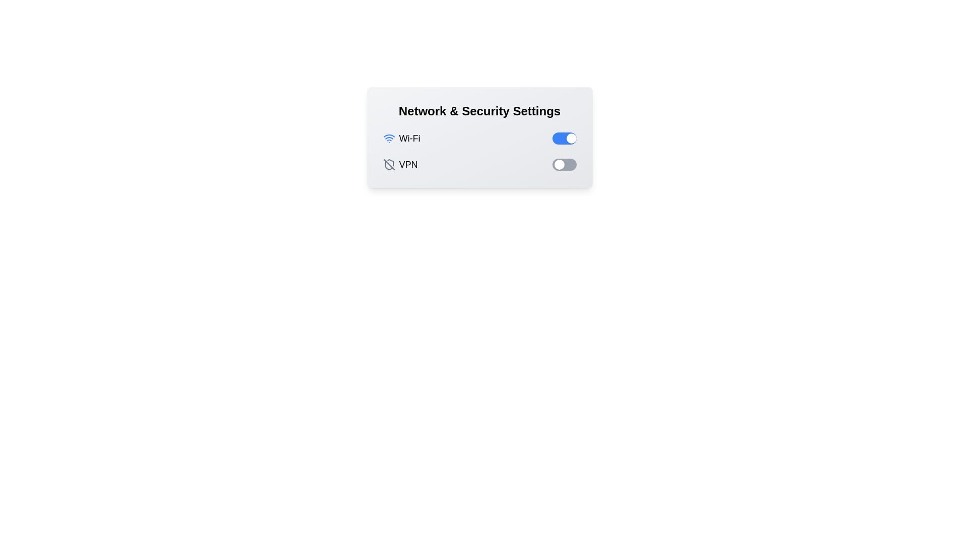 The width and height of the screenshot is (967, 544). I want to click on the toggle switch for the VPN feature located in the 'Network & Security Settings' section to change its state, so click(479, 164).